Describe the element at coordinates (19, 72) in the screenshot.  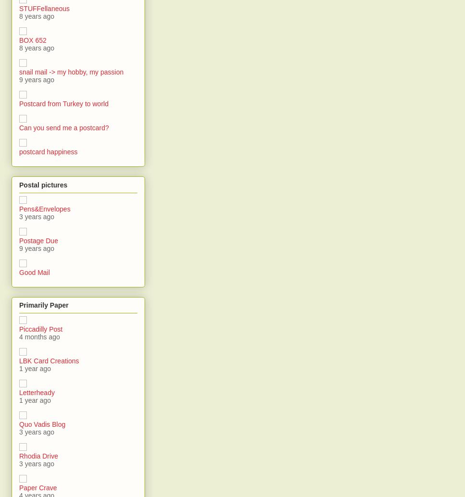
I see `'snail mail -> my hobby, my passion'` at that location.